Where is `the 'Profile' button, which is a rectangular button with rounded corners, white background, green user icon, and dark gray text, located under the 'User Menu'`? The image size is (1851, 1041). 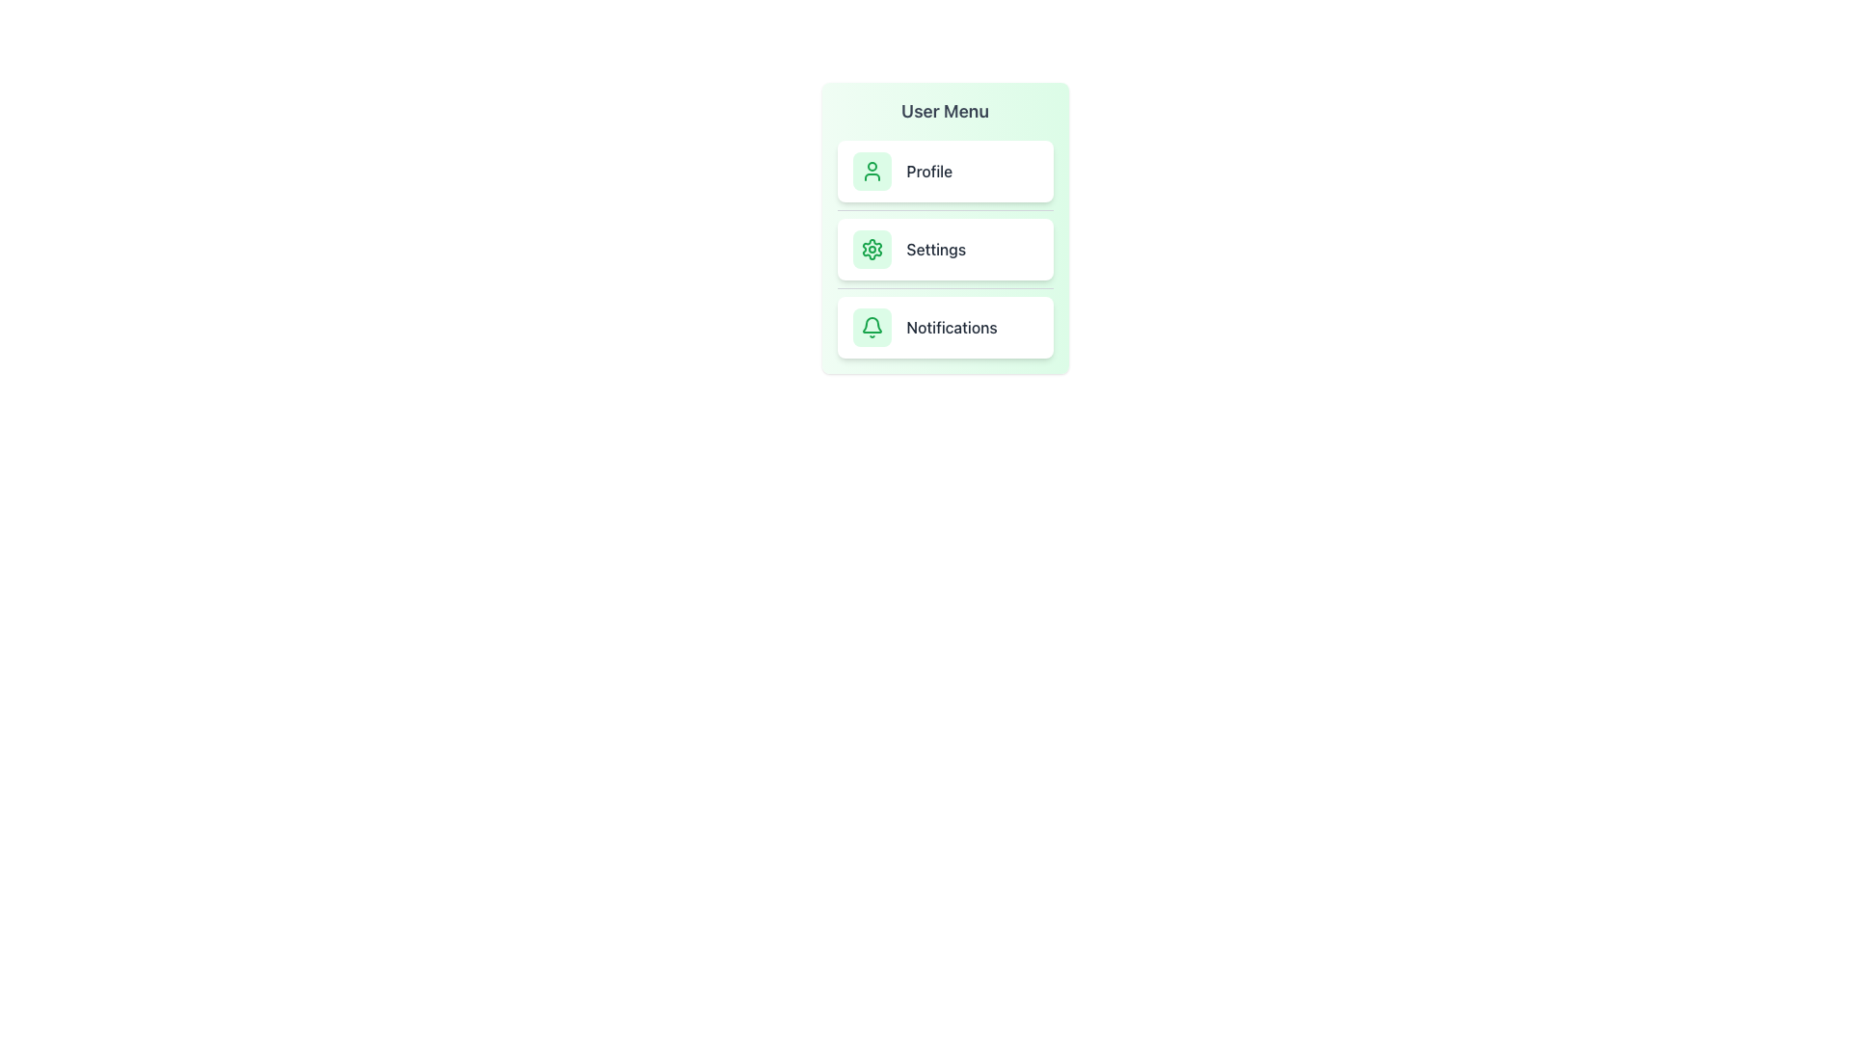
the 'Profile' button, which is a rectangular button with rounded corners, white background, green user icon, and dark gray text, located under the 'User Menu' is located at coordinates (945, 170).